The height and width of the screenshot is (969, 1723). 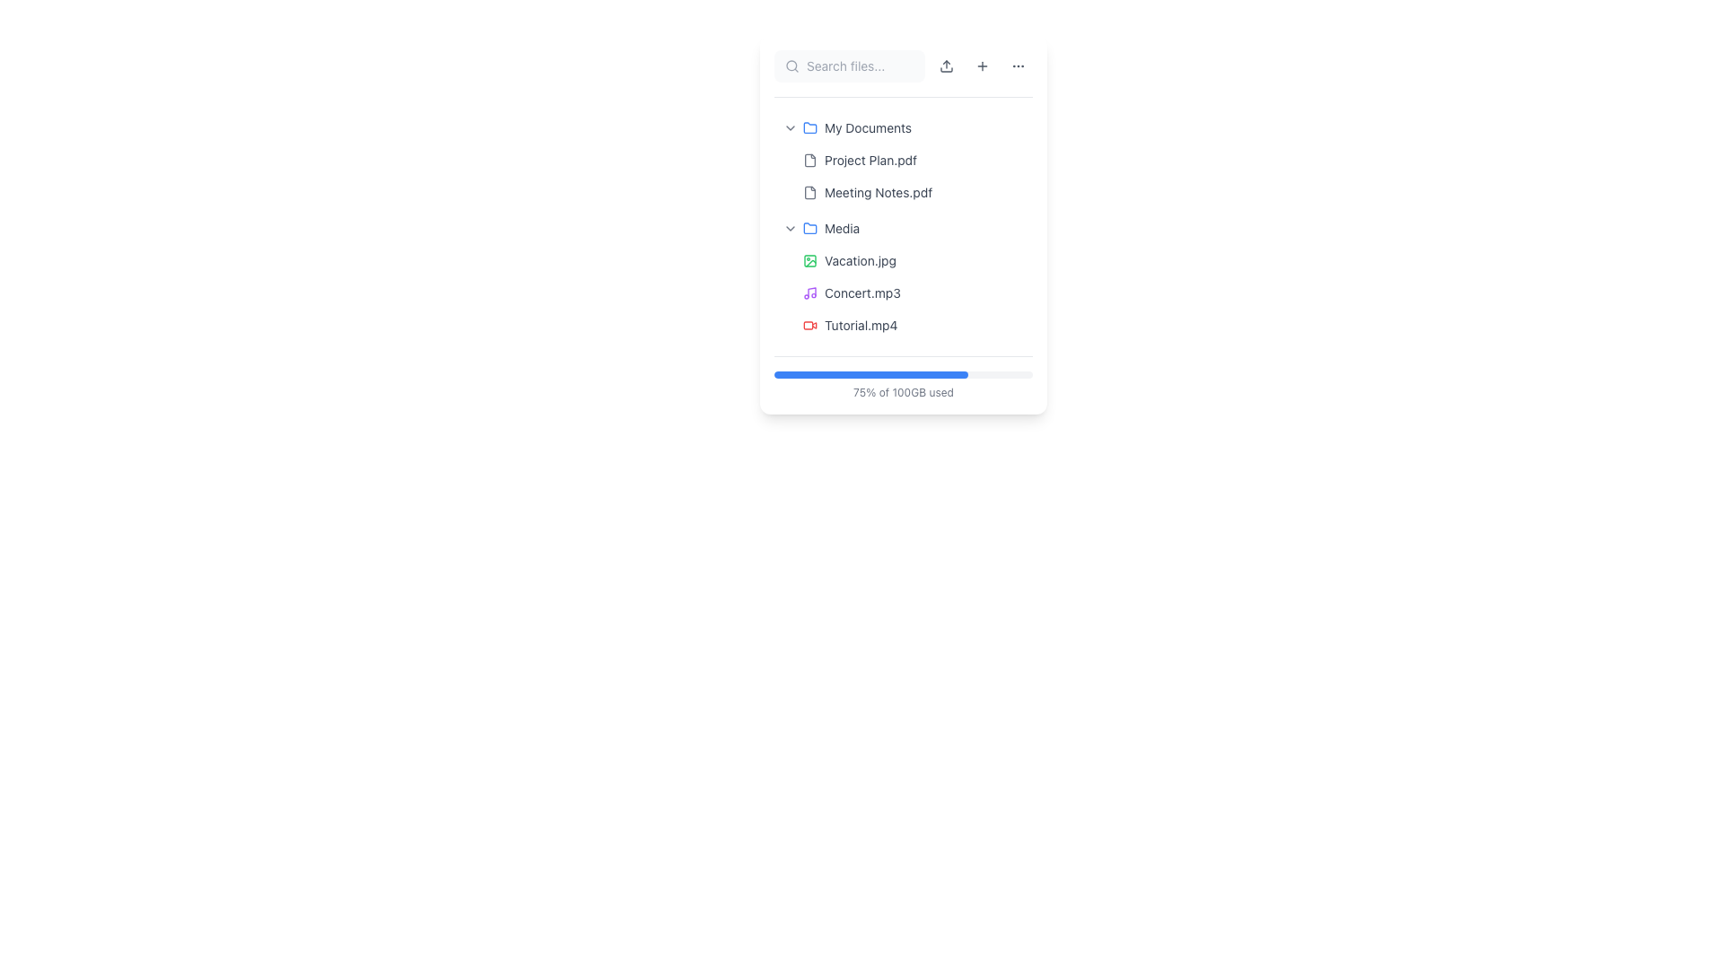 I want to click on the document icon representing 'Meeting Notes.pdf' located in the 'My Documents' folder, so click(x=809, y=193).